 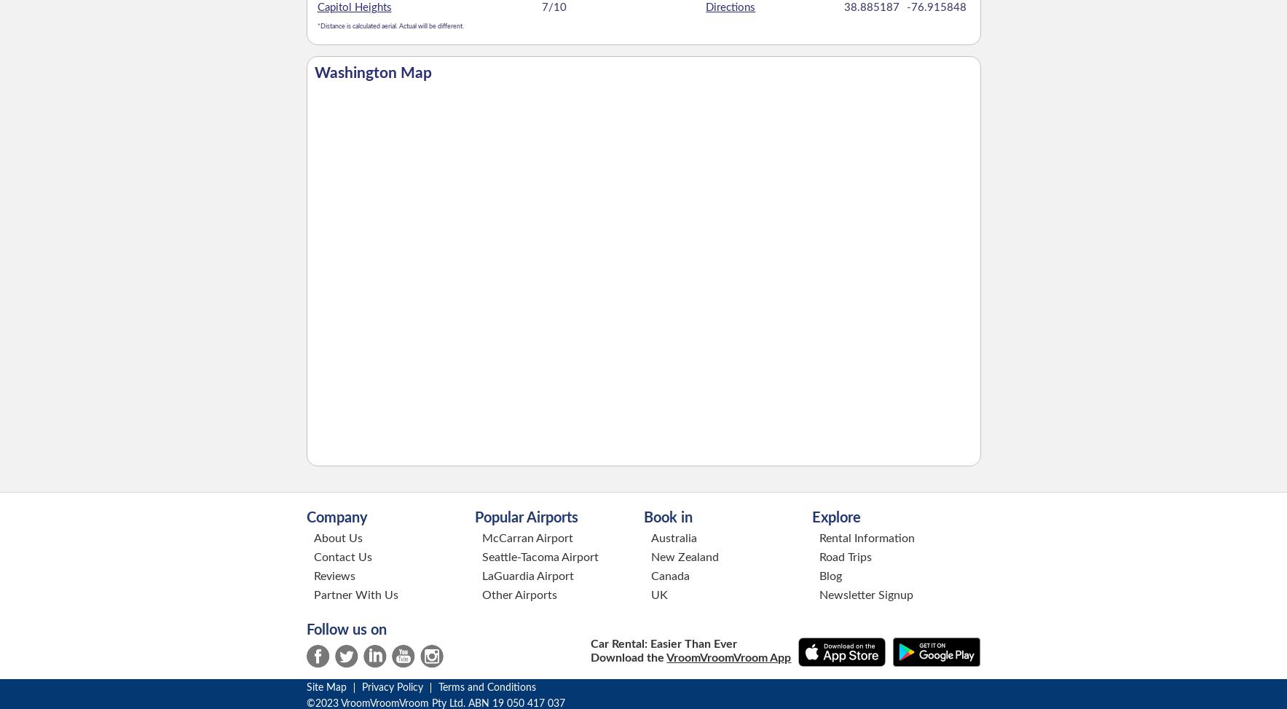 I want to click on 'Washington Map', so click(x=372, y=71).